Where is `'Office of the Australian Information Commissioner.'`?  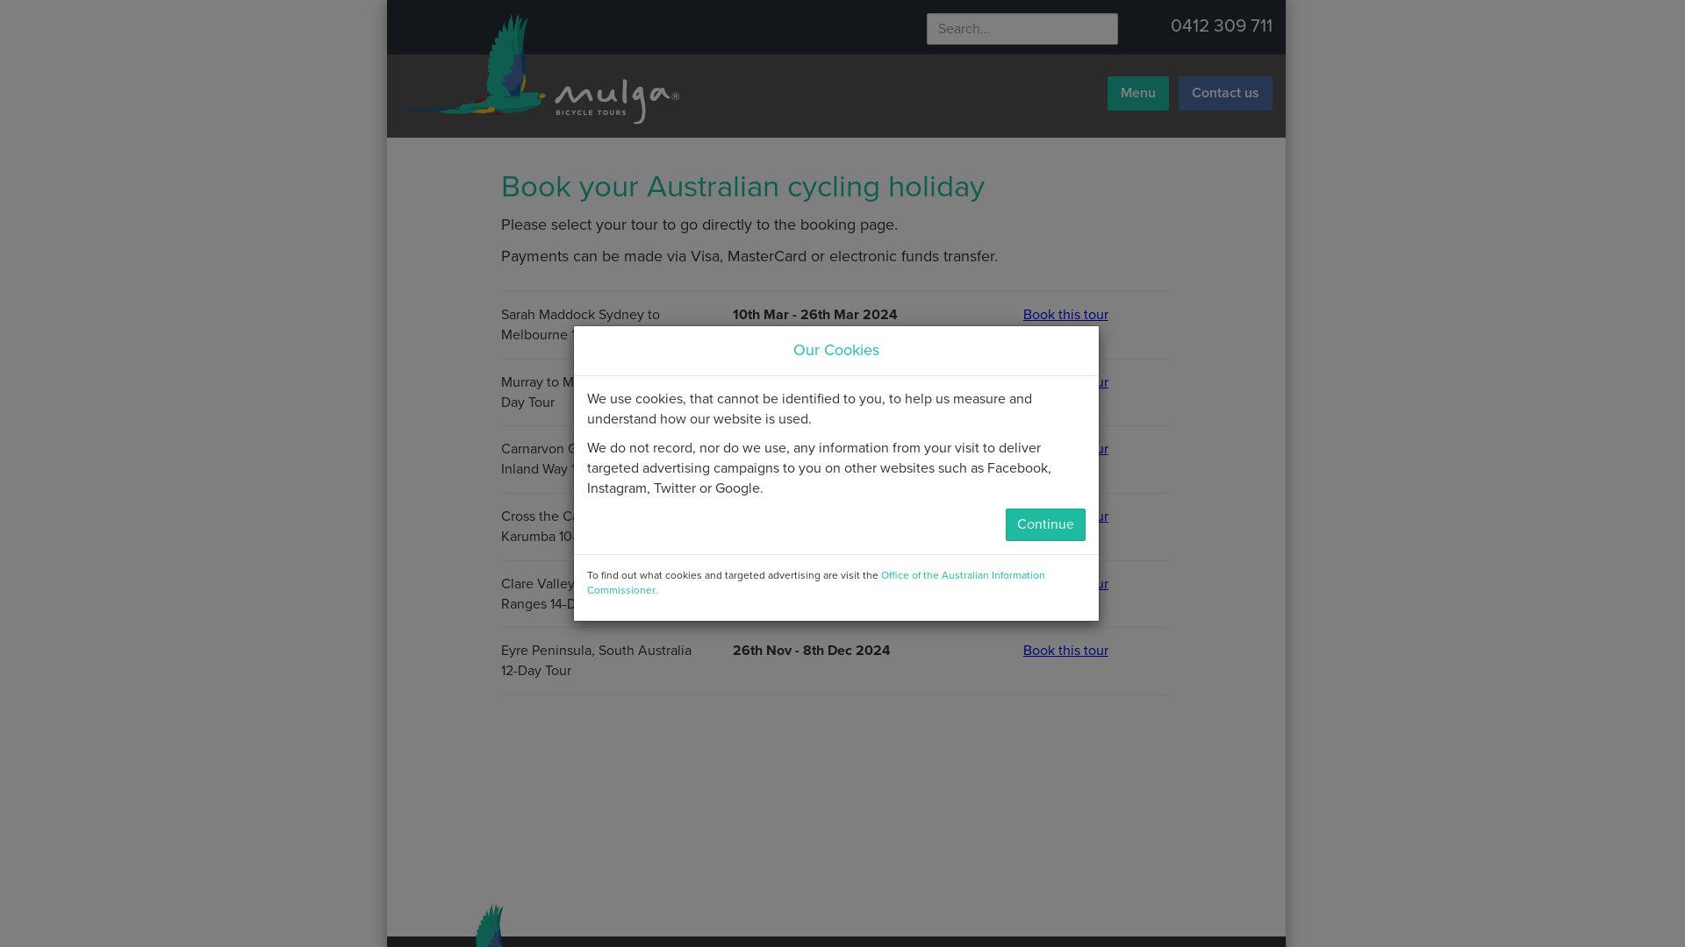 'Office of the Australian Information Commissioner.' is located at coordinates (814, 582).